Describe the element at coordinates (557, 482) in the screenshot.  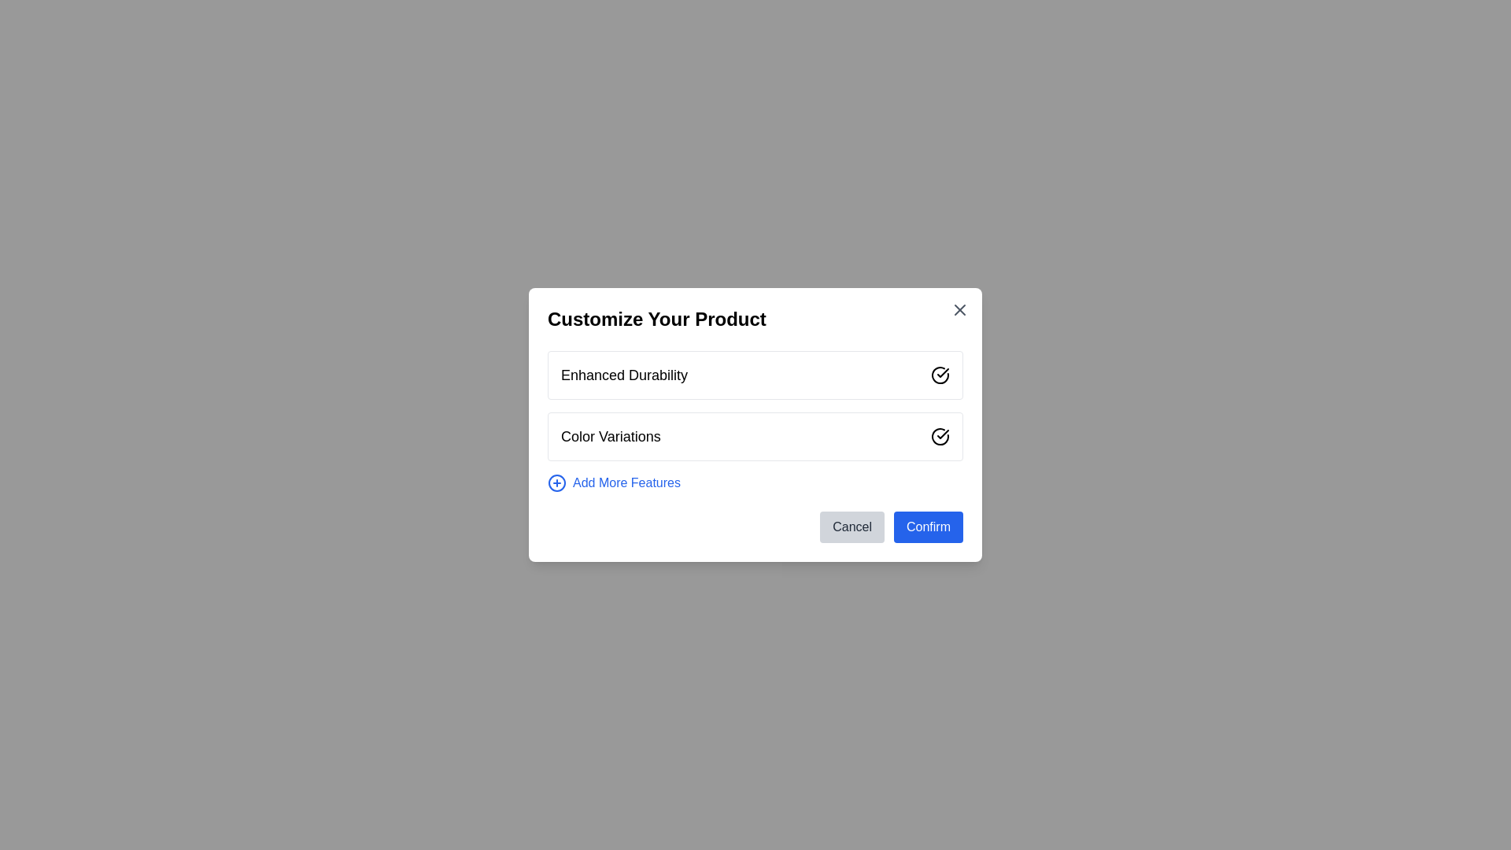
I see `the circular component of the SVG graphic located on the left margin of the 'Add More Features' text link within the modal box` at that location.